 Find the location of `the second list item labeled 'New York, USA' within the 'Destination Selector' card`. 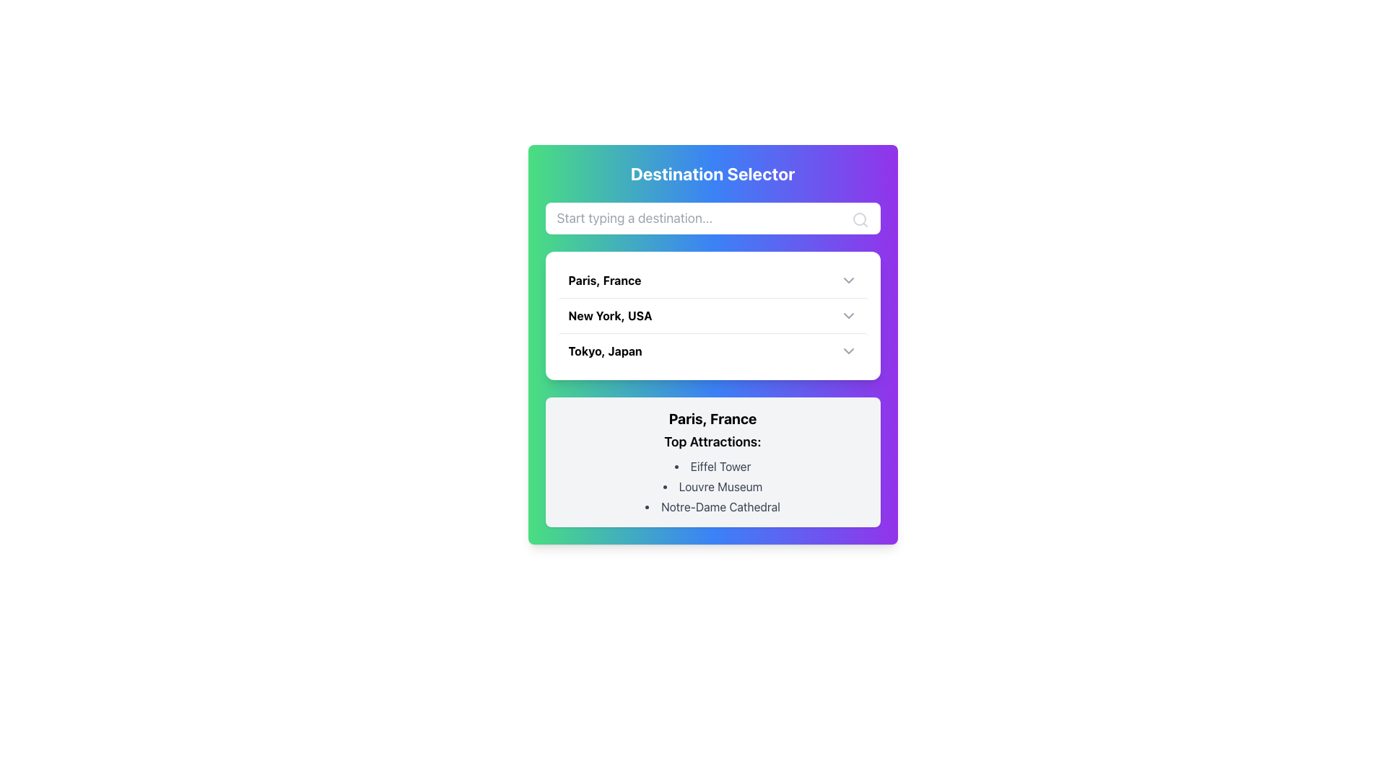

the second list item labeled 'New York, USA' within the 'Destination Selector' card is located at coordinates (712, 315).